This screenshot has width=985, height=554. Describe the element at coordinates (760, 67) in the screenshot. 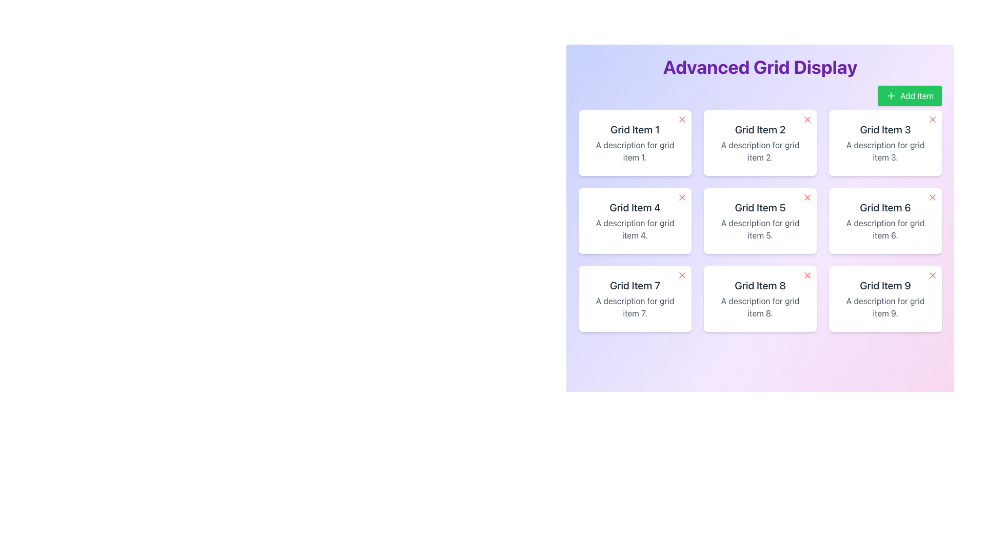

I see `the prominently centered text header that reads 'Advanced Grid Display', styled in bold and large purple font at the top of the layout` at that location.